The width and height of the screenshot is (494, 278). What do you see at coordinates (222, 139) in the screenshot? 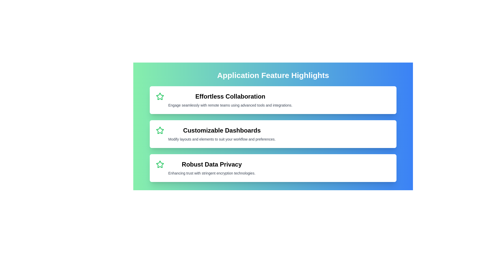
I see `the descriptive text located beneath the heading 'Customizable Dashboards', which is styled with a small font size and light gray color` at bounding box center [222, 139].